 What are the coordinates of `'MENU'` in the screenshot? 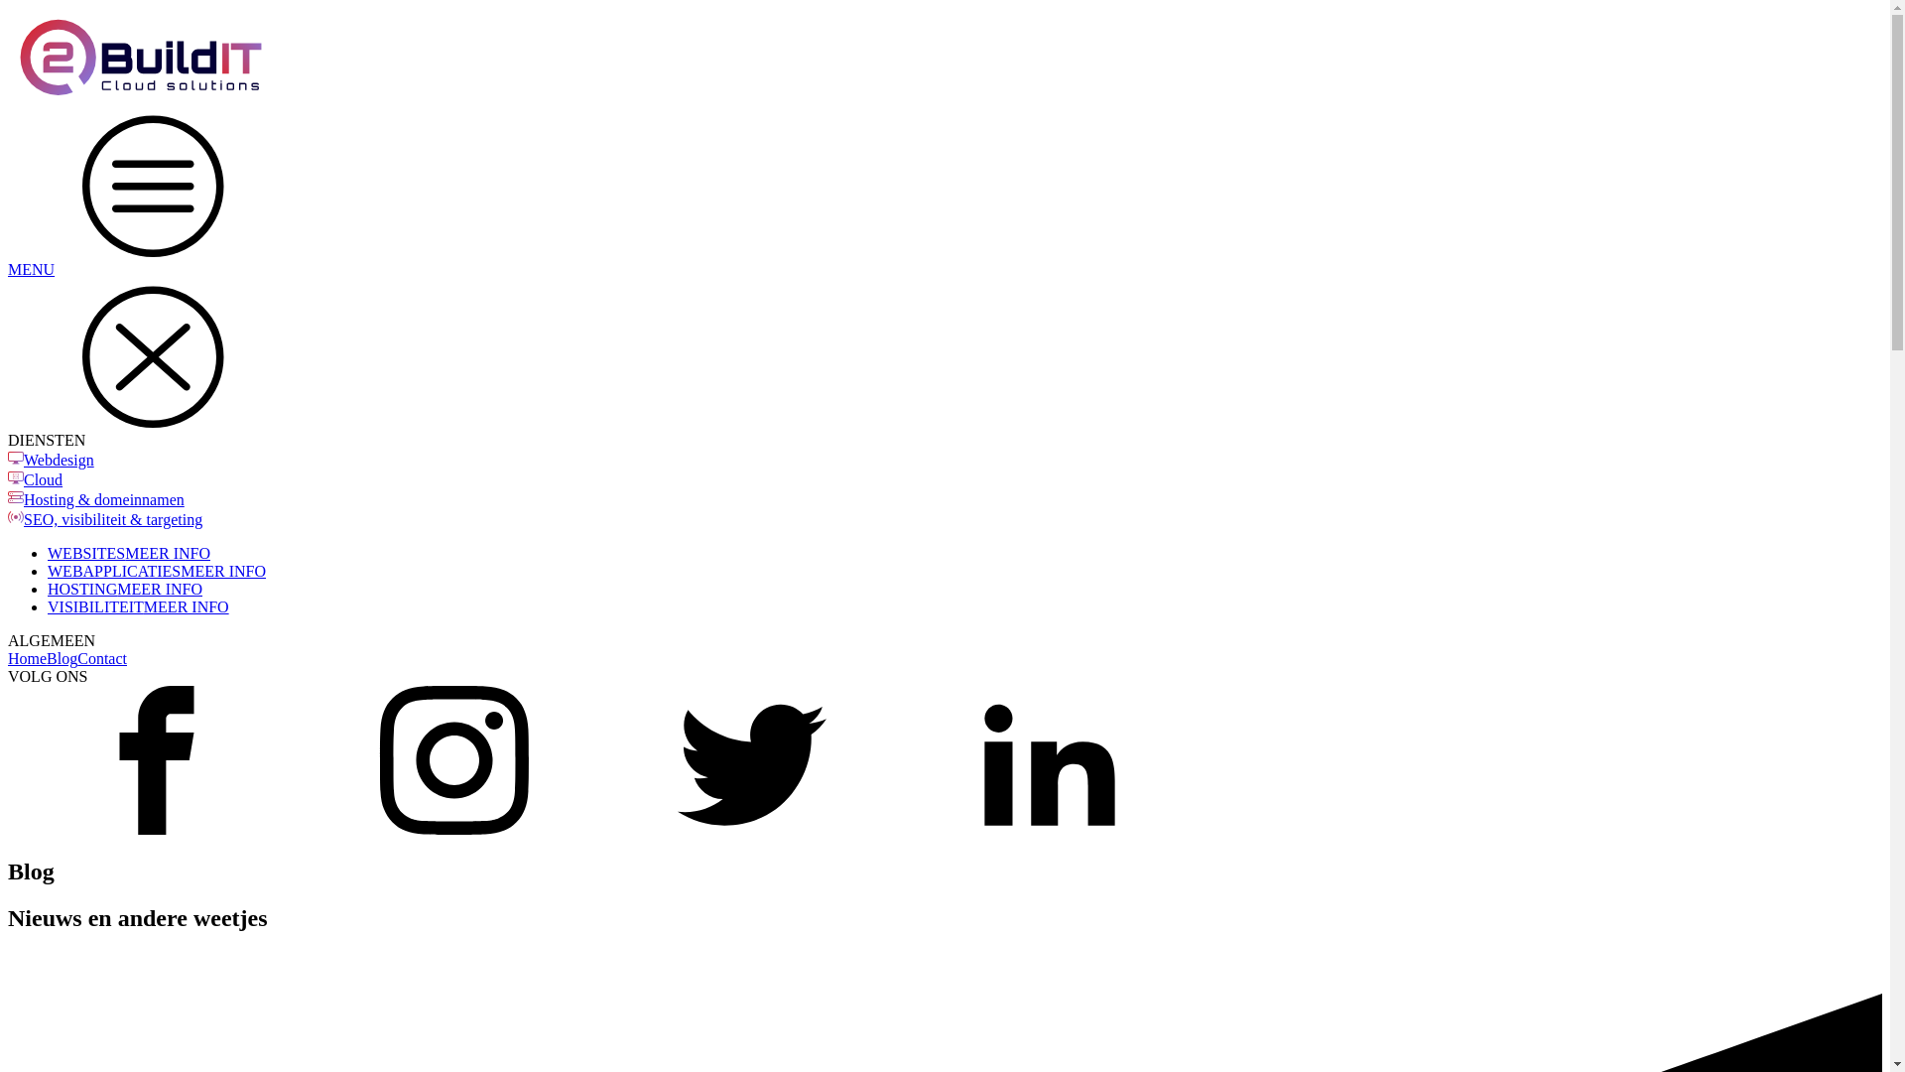 It's located at (8, 194).